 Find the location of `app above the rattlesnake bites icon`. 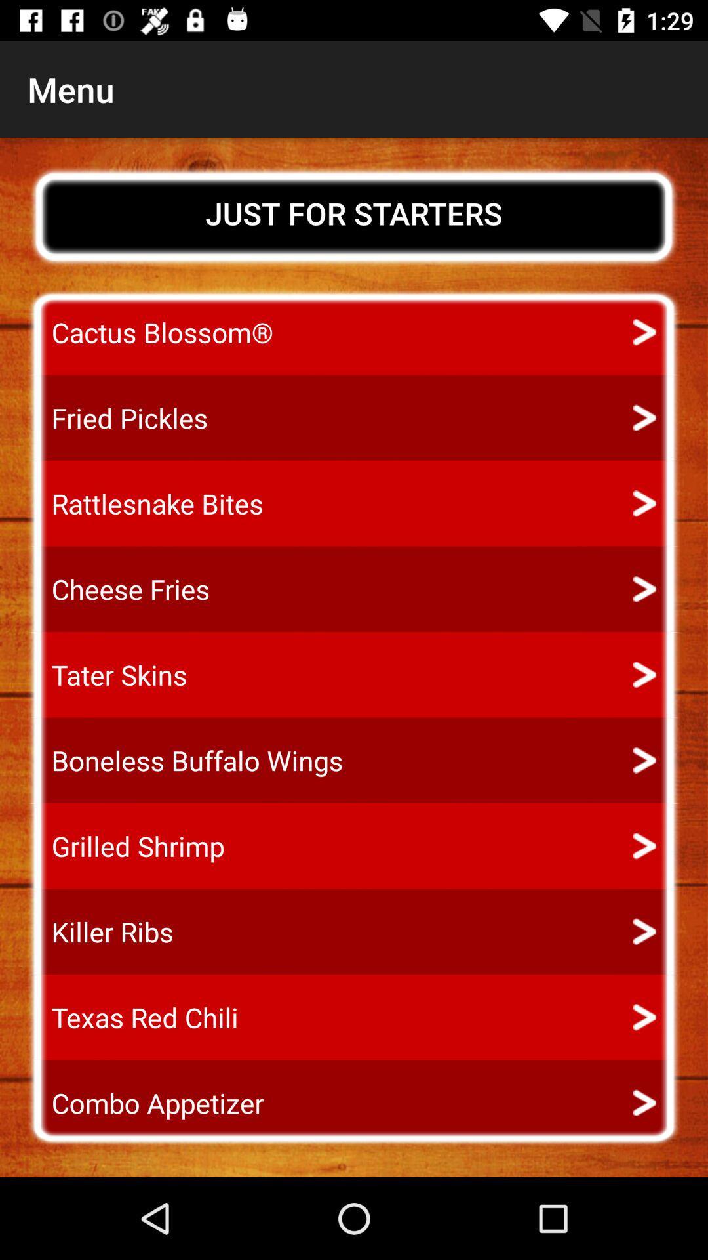

app above the rattlesnake bites icon is located at coordinates (117, 417).